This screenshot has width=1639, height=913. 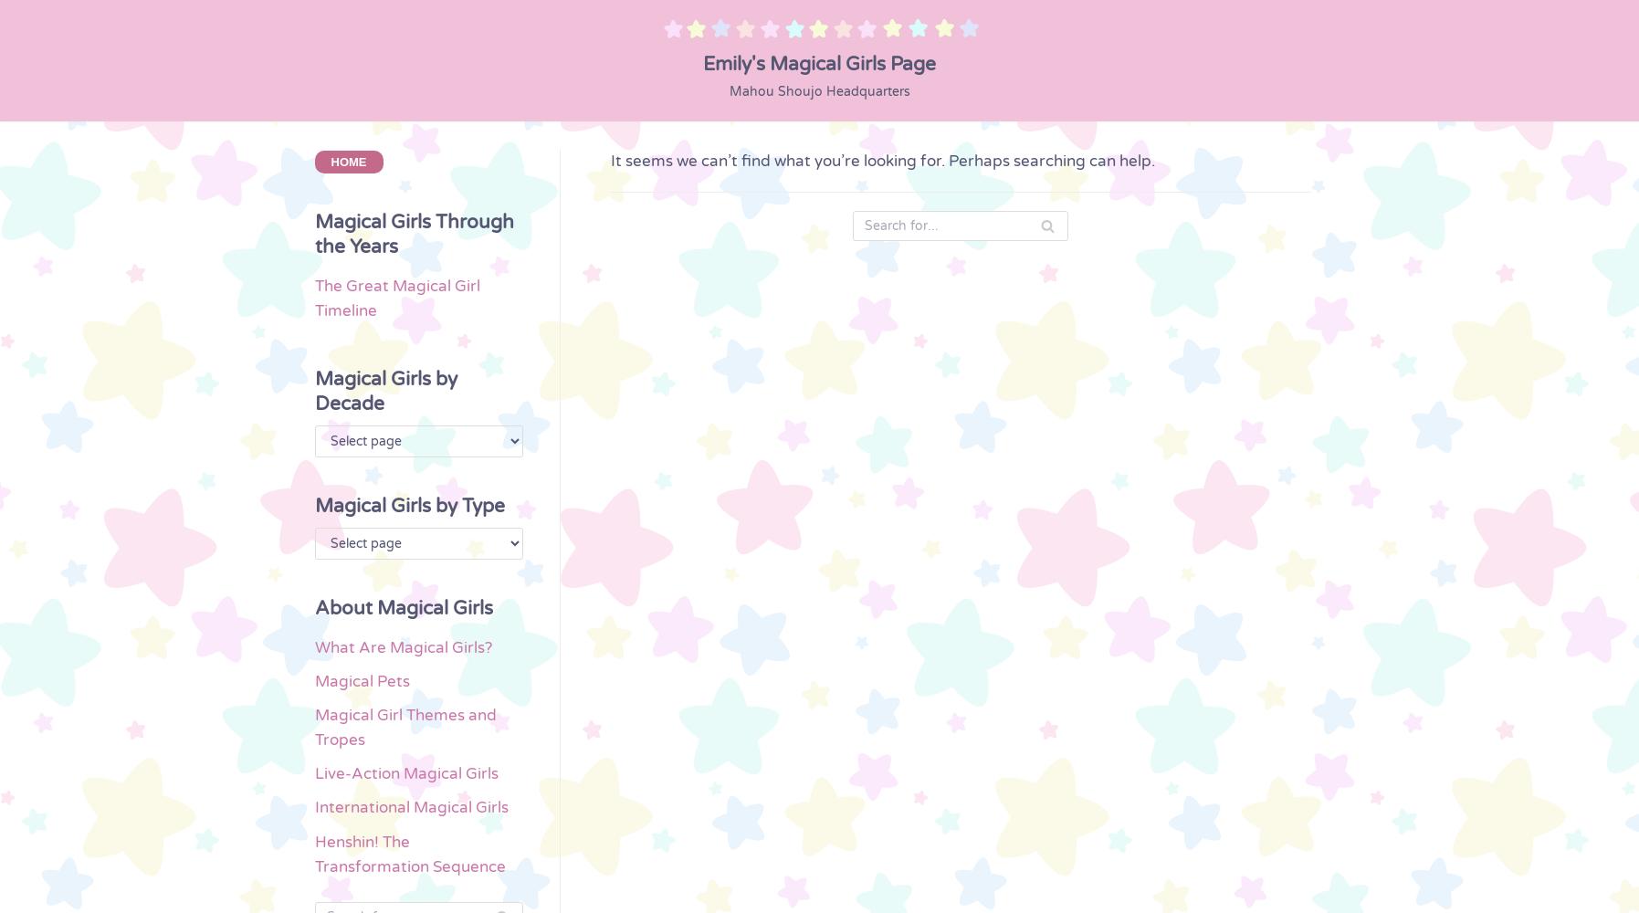 What do you see at coordinates (818, 62) in the screenshot?
I see `'Emily's Magical Girls Page'` at bounding box center [818, 62].